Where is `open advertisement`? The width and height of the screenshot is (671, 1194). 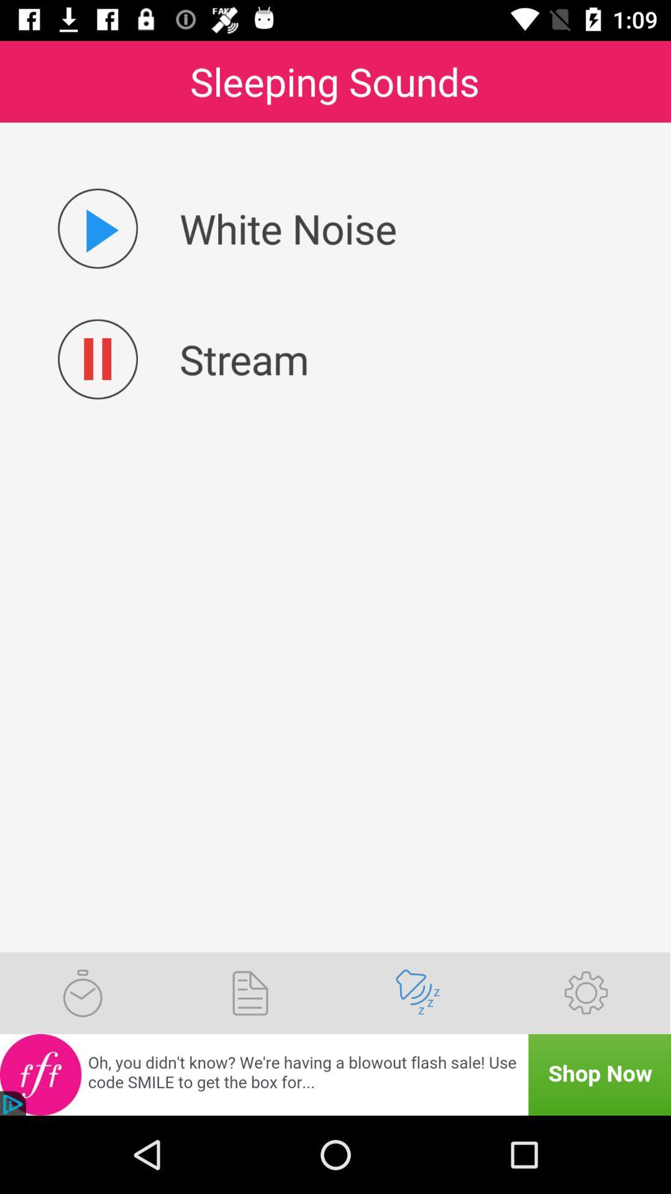
open advertisement is located at coordinates (335, 1074).